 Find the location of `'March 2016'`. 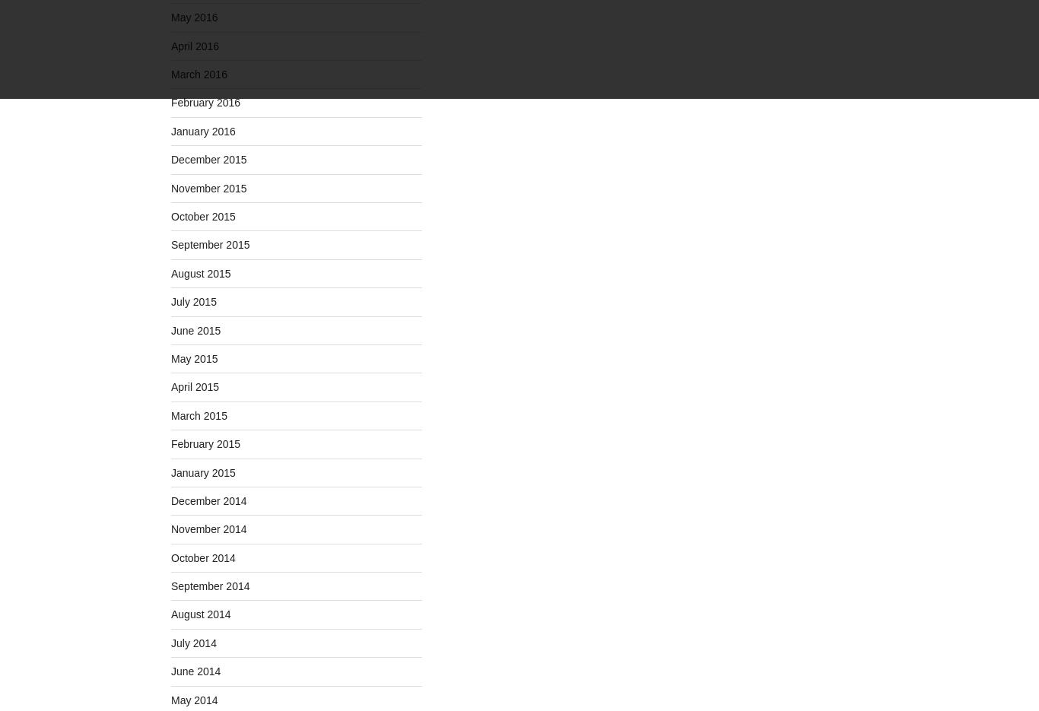

'March 2016' is located at coordinates (199, 73).